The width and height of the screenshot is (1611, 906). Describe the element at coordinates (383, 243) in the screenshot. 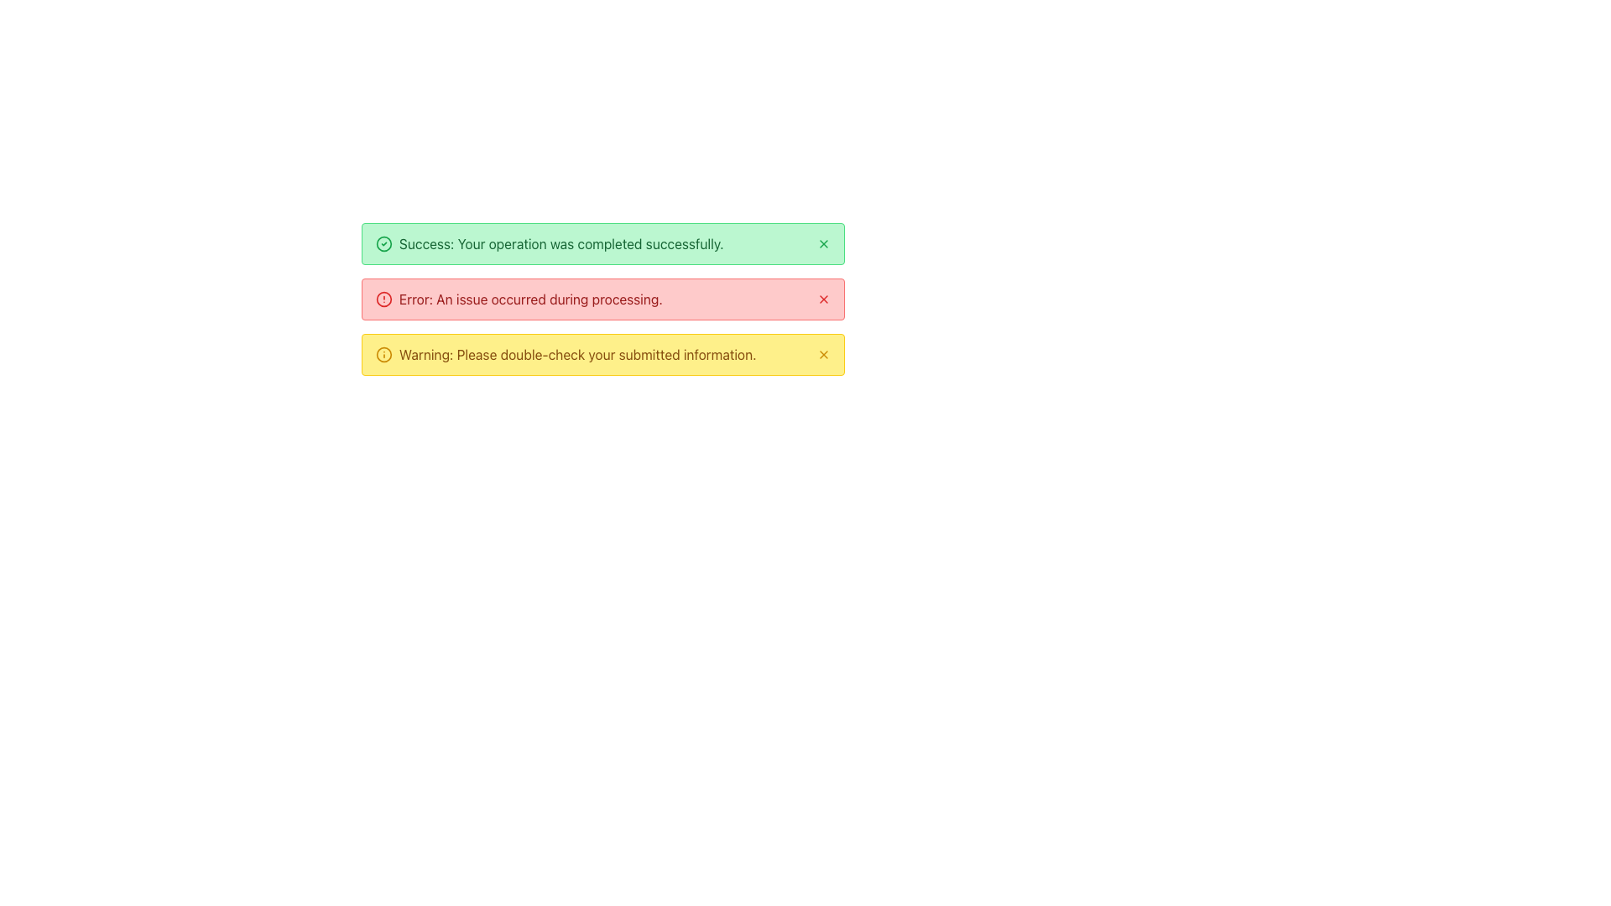

I see `the green circular border of the SVG icon in the 'Success' notification message, which is located at the left side of the message box adjacent to the text 'Success: Your operation was completed successfully.'` at that location.